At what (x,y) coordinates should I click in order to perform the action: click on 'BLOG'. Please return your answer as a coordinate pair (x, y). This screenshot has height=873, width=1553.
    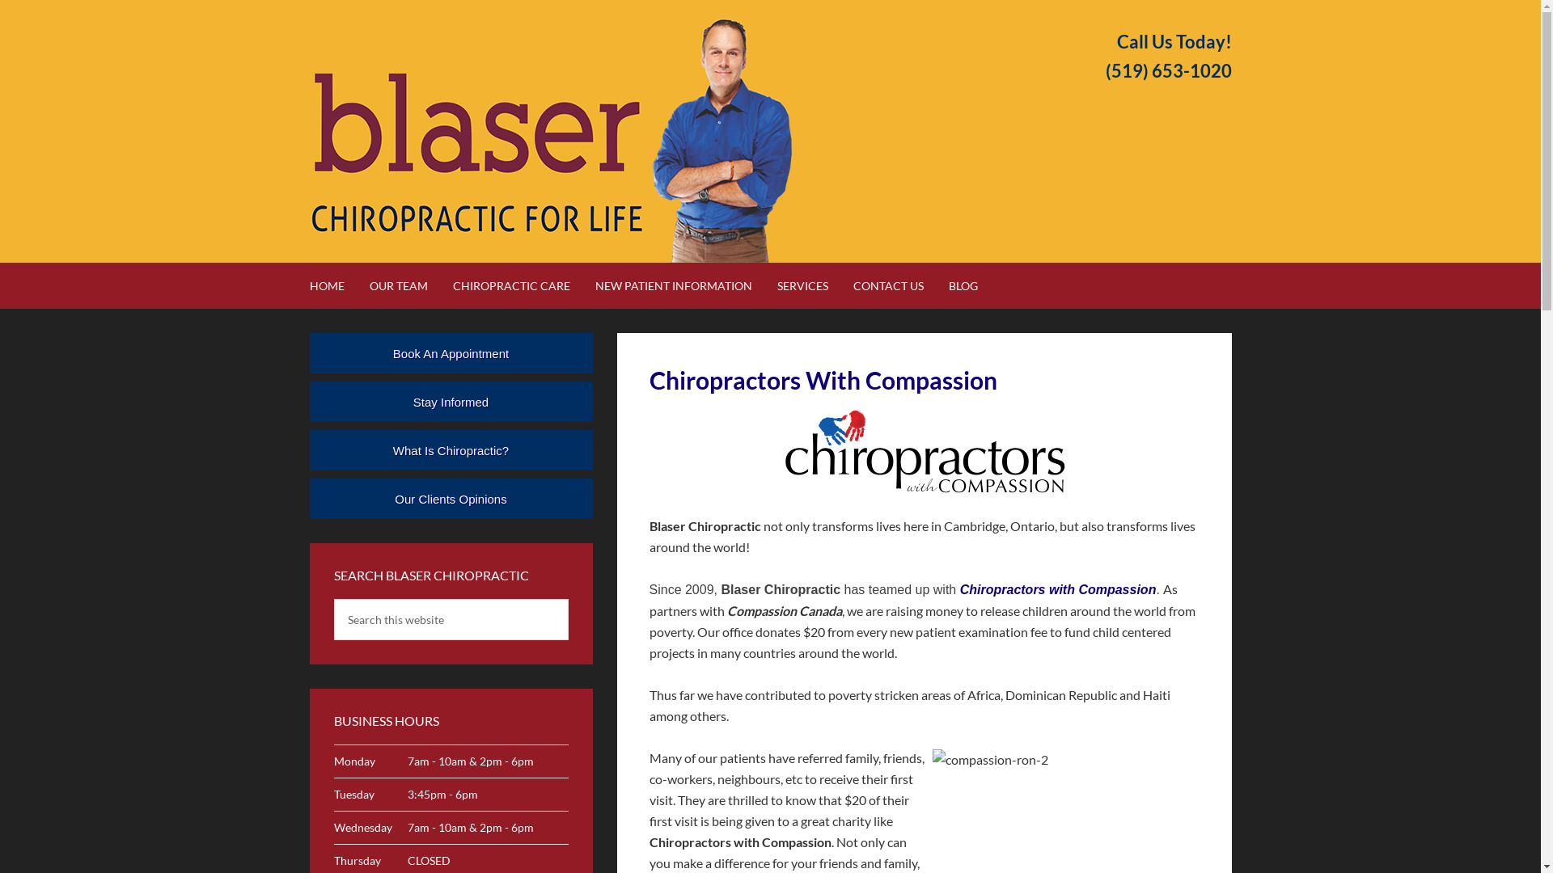
    Looking at the image, I should click on (973, 285).